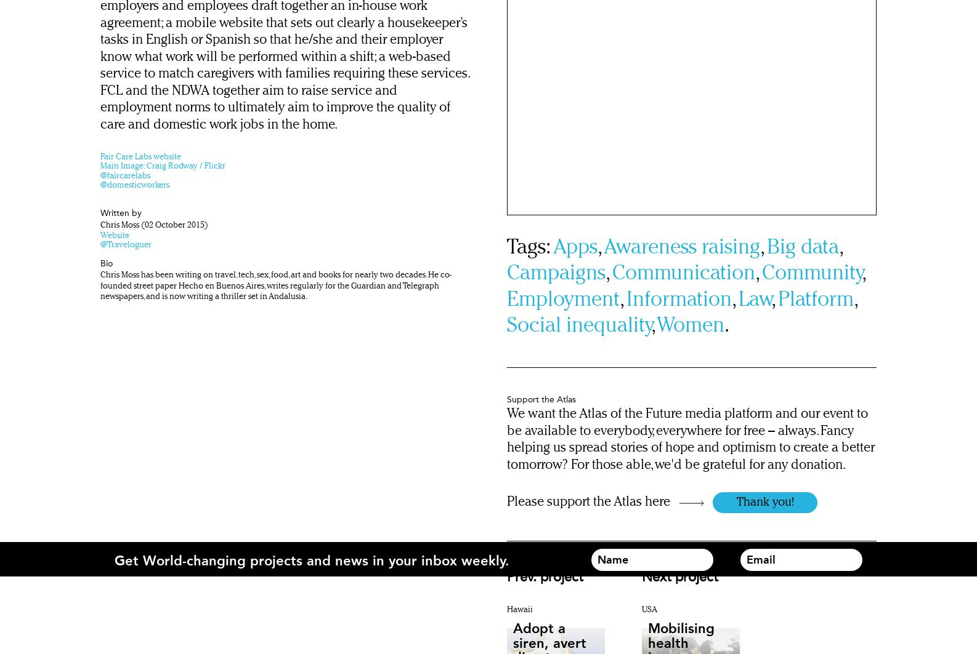 The width and height of the screenshot is (977, 654). What do you see at coordinates (312, 560) in the screenshot?
I see `'Get World-changing projects and news in your inbox weekly.'` at bounding box center [312, 560].